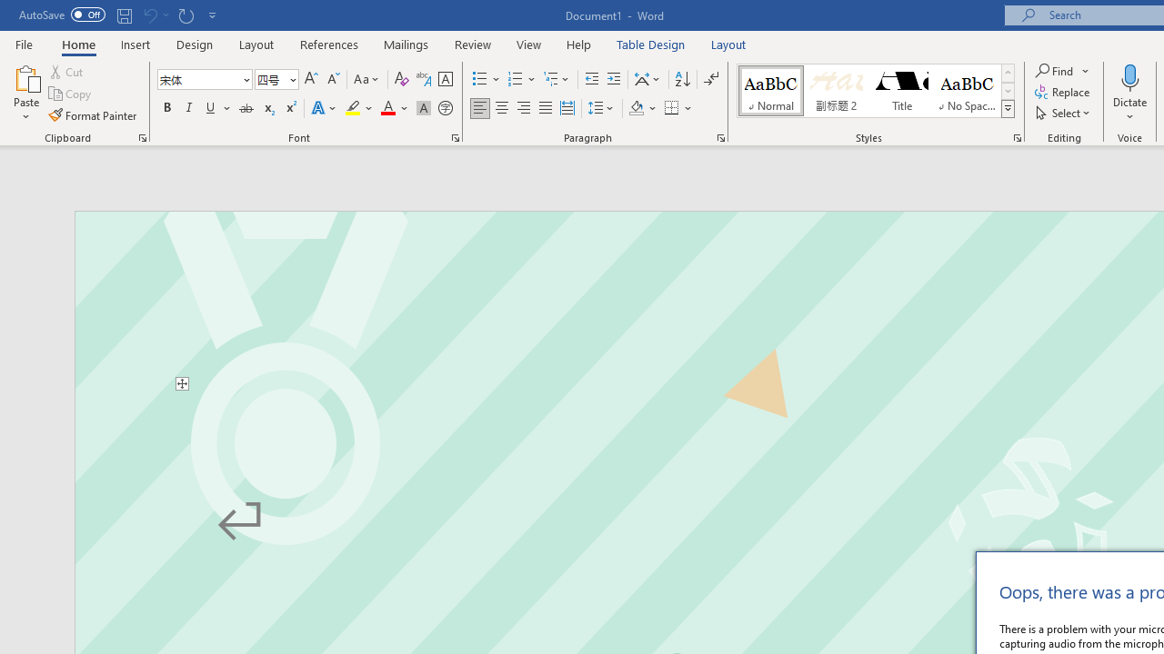 The image size is (1164, 654). Describe the element at coordinates (386, 108) in the screenshot. I see `'Font Color Red'` at that location.